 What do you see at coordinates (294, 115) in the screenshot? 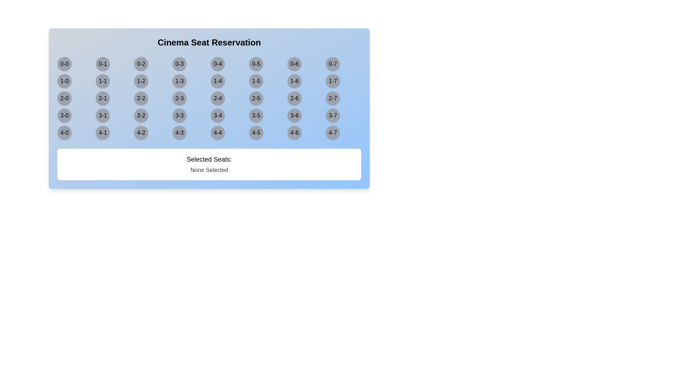
I see `the interactive button labeled '3-6' in the seat selection interface` at bounding box center [294, 115].